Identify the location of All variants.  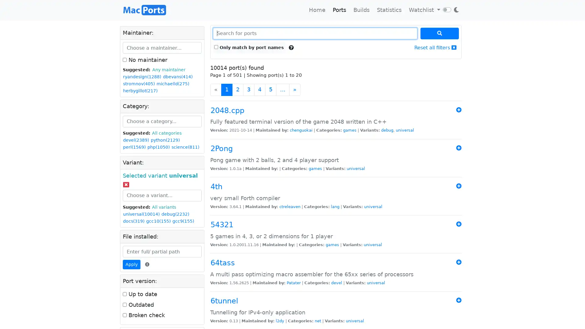
(164, 207).